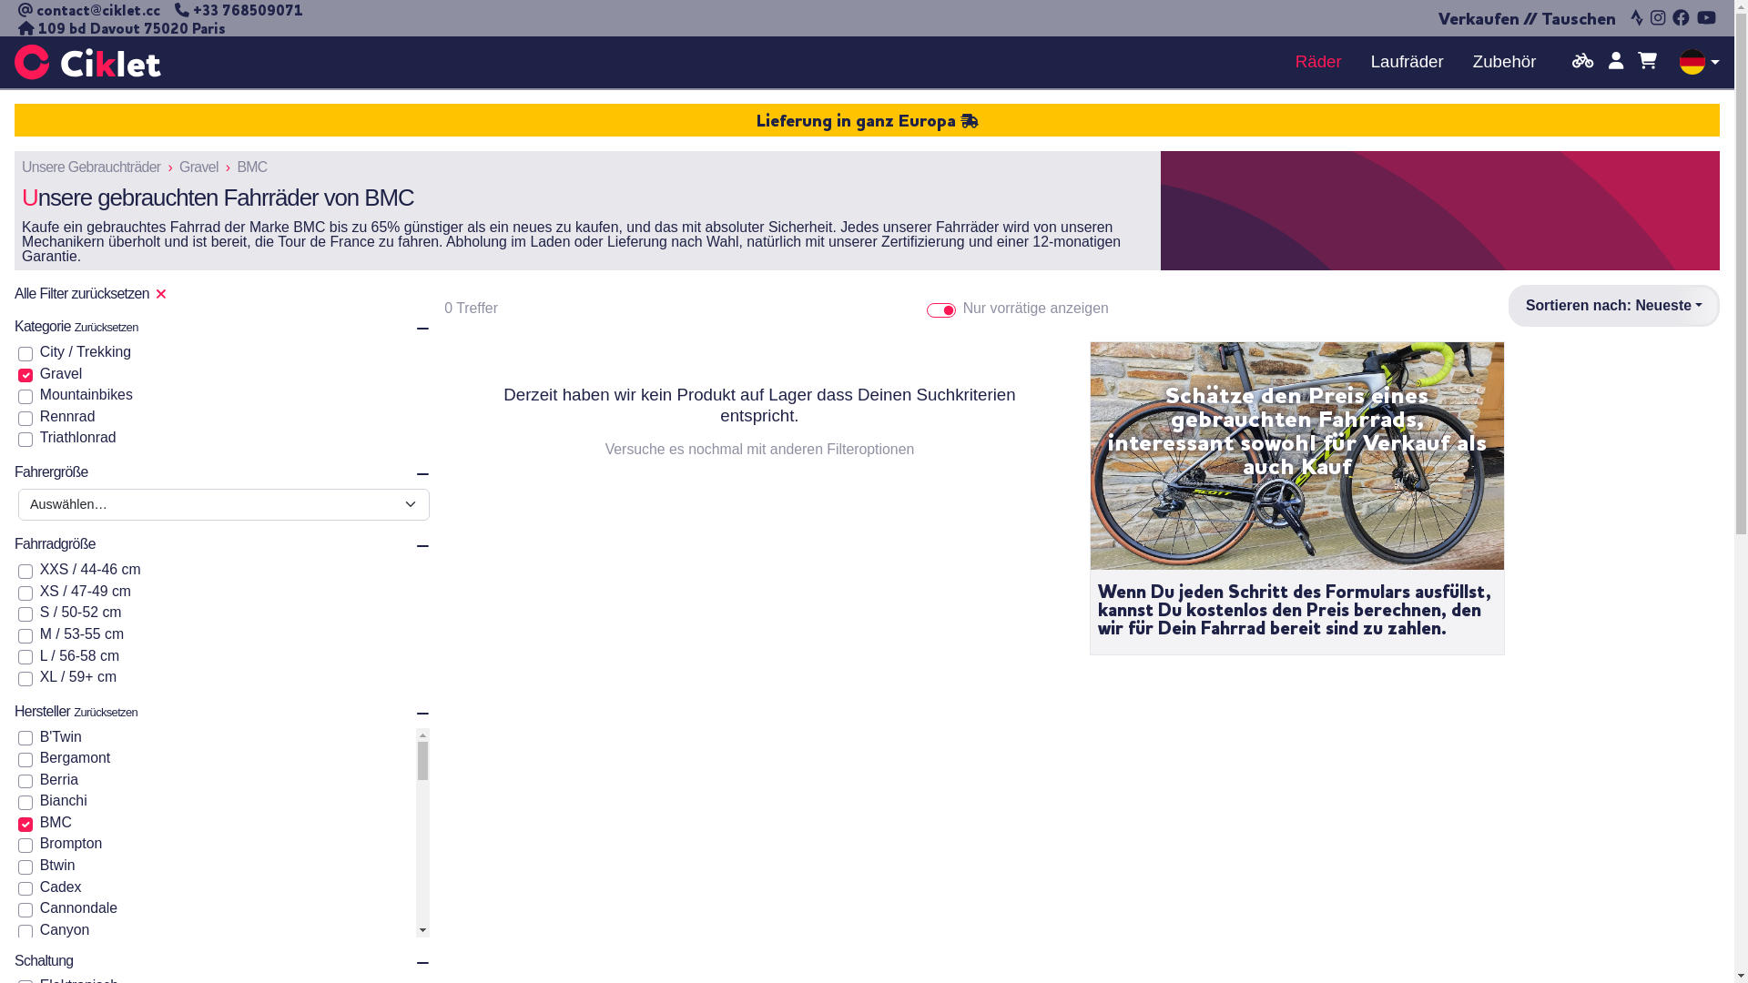 This screenshot has width=1748, height=983. What do you see at coordinates (121, 30) in the screenshot?
I see `'109 bd Davout 75020 Paris'` at bounding box center [121, 30].